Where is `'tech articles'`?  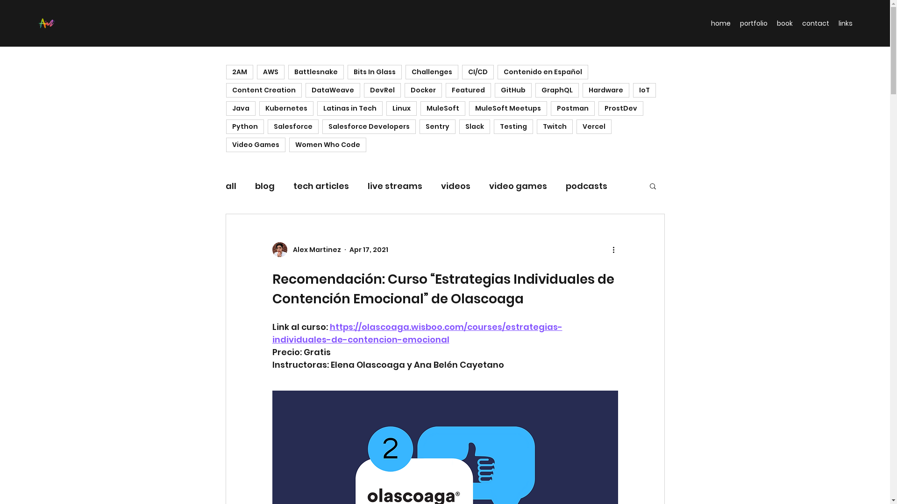
'tech articles' is located at coordinates (321, 185).